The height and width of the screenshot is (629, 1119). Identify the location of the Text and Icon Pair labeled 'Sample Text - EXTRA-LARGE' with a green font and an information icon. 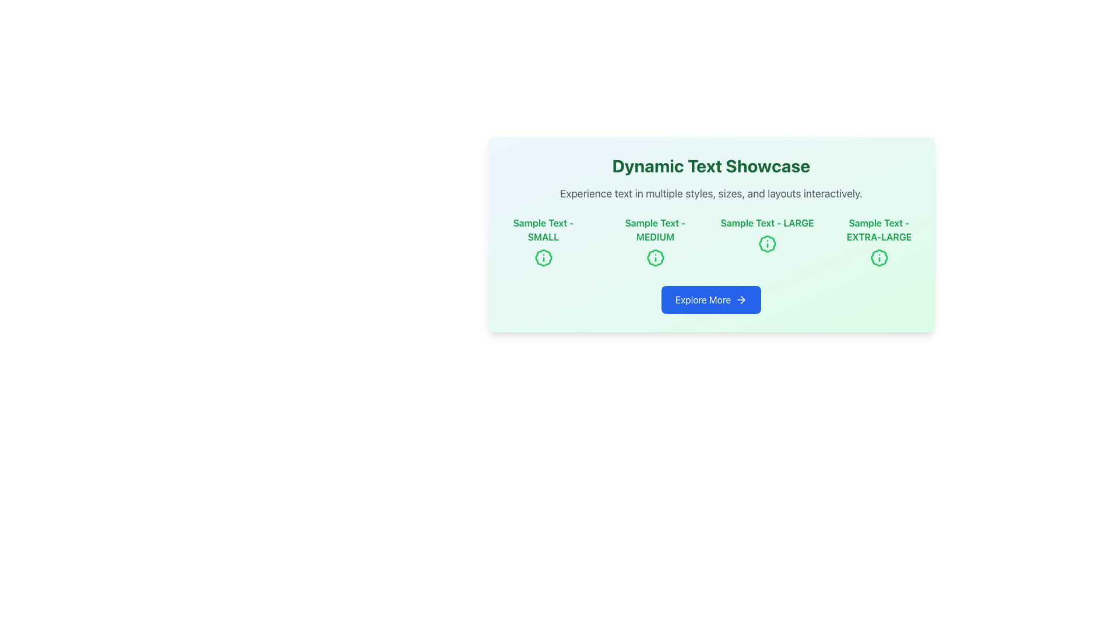
(879, 241).